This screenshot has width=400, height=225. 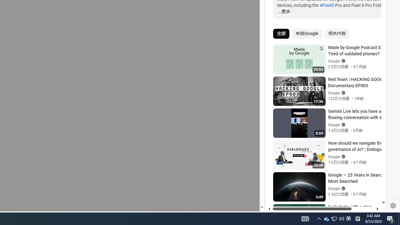 I want to click on '#Pixel9', so click(x=326, y=5).